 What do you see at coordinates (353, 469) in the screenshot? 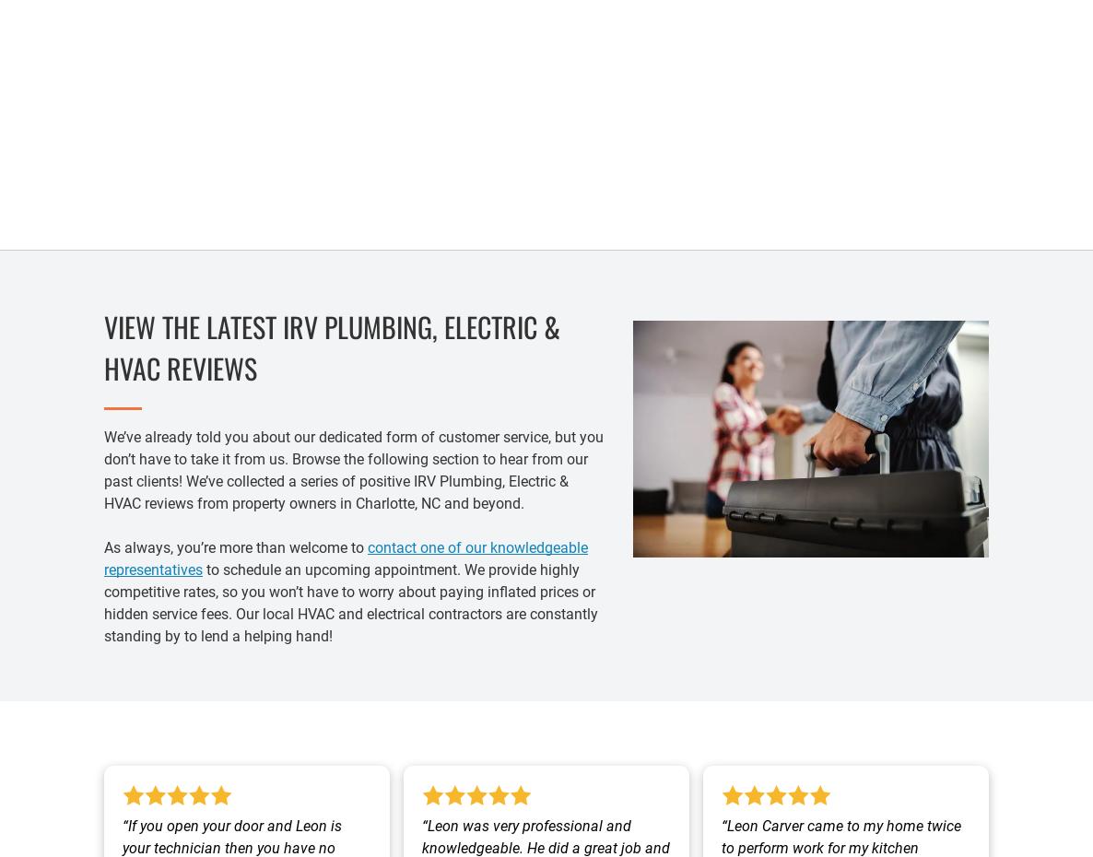
I see `'We’ve already told you about our dedicated form of customer service, but you don’t have to take it from us. Browse the following section to hear from our past clients! We’ve collected a series of positive IRV Plumbing, Electric & HVAC reviews from property owners in Charlotte, NC and beyond.'` at bounding box center [353, 469].